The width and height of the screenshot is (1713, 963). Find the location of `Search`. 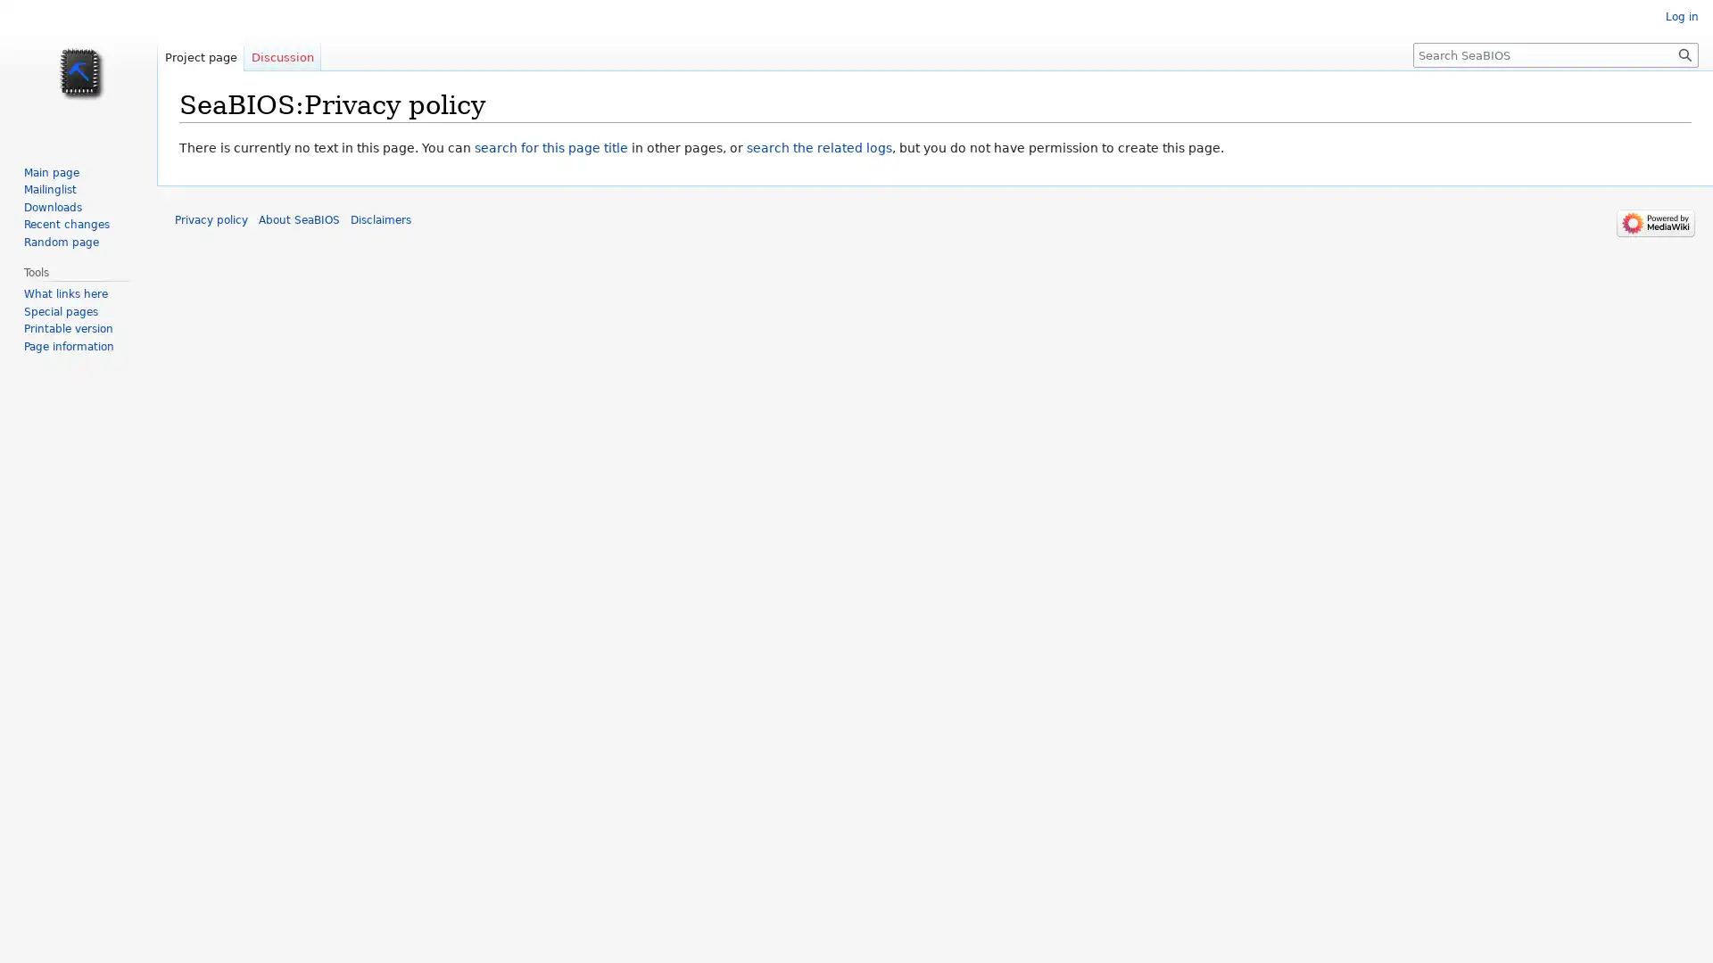

Search is located at coordinates (1684, 53).